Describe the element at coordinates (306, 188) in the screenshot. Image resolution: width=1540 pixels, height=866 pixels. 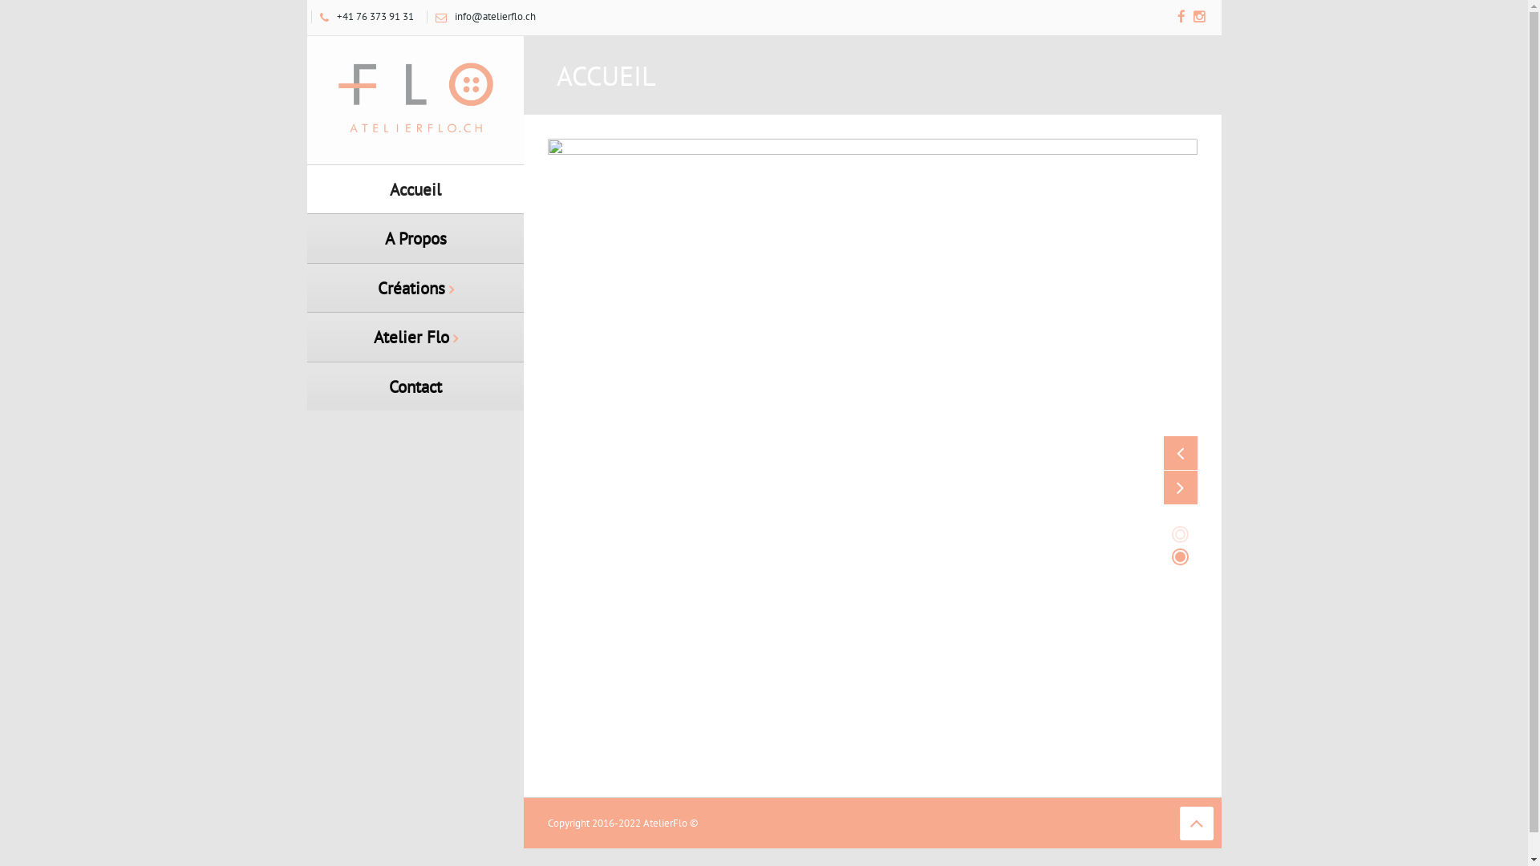
I see `'Accueil'` at that location.